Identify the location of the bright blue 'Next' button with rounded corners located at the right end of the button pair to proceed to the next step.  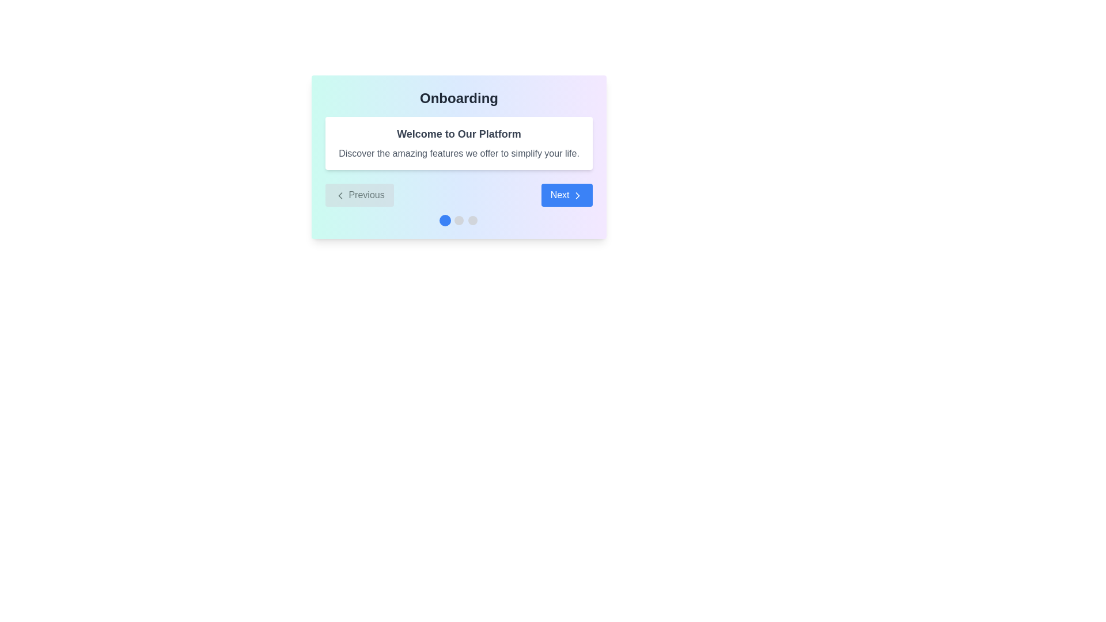
(566, 195).